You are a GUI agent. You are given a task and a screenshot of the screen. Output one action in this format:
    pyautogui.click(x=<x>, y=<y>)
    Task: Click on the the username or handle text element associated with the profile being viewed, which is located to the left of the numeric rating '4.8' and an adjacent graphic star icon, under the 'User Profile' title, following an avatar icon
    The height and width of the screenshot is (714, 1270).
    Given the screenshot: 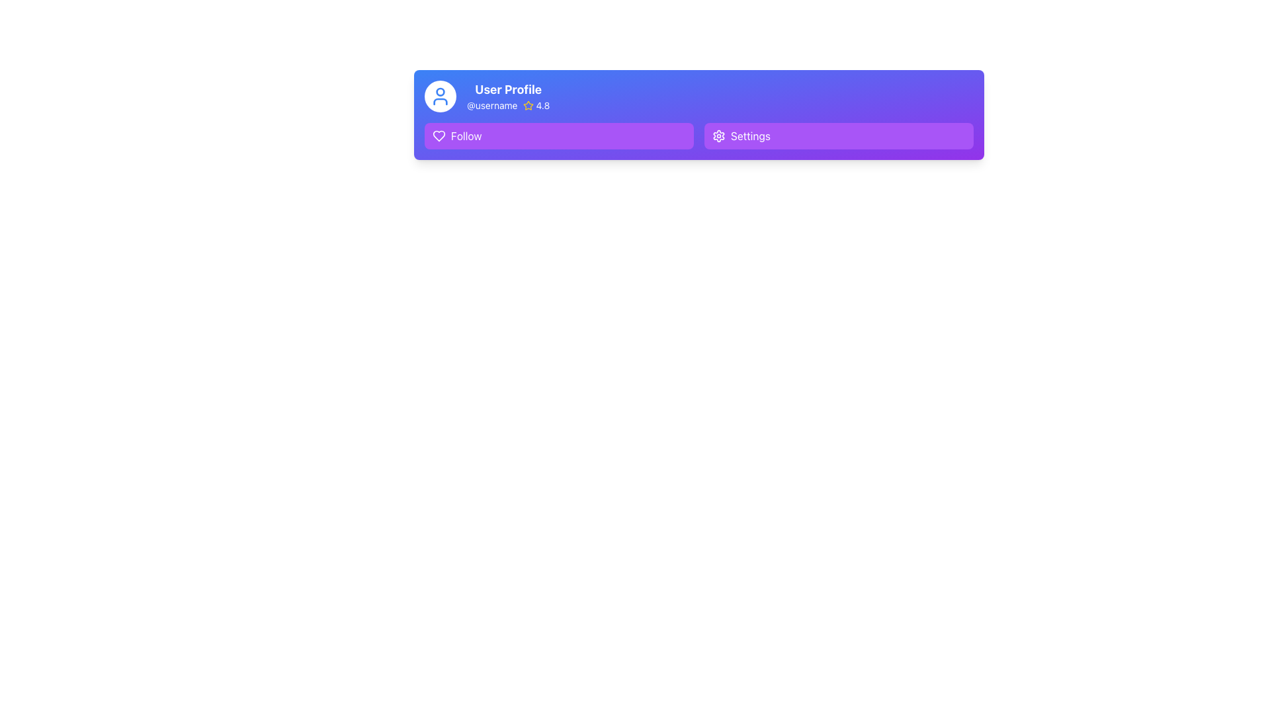 What is the action you would take?
    pyautogui.click(x=491, y=104)
    